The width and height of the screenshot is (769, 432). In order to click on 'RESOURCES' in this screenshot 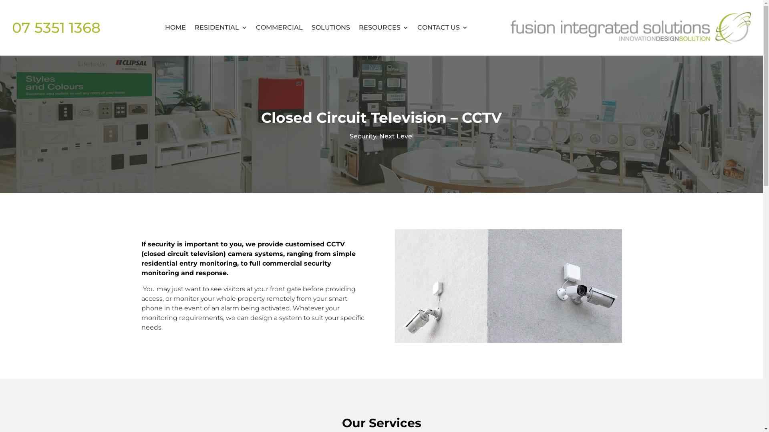, I will do `click(383, 27)`.